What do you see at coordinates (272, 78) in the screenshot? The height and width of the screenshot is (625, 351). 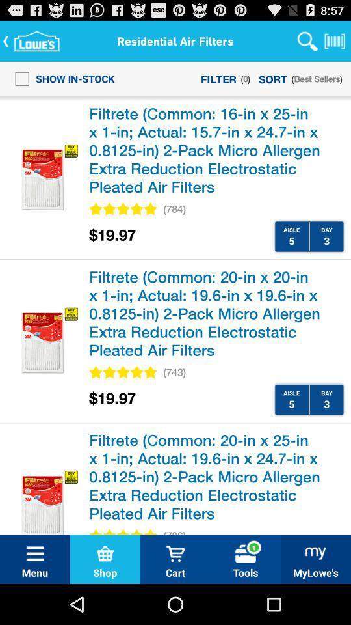 I see `item next to (0) icon` at bounding box center [272, 78].